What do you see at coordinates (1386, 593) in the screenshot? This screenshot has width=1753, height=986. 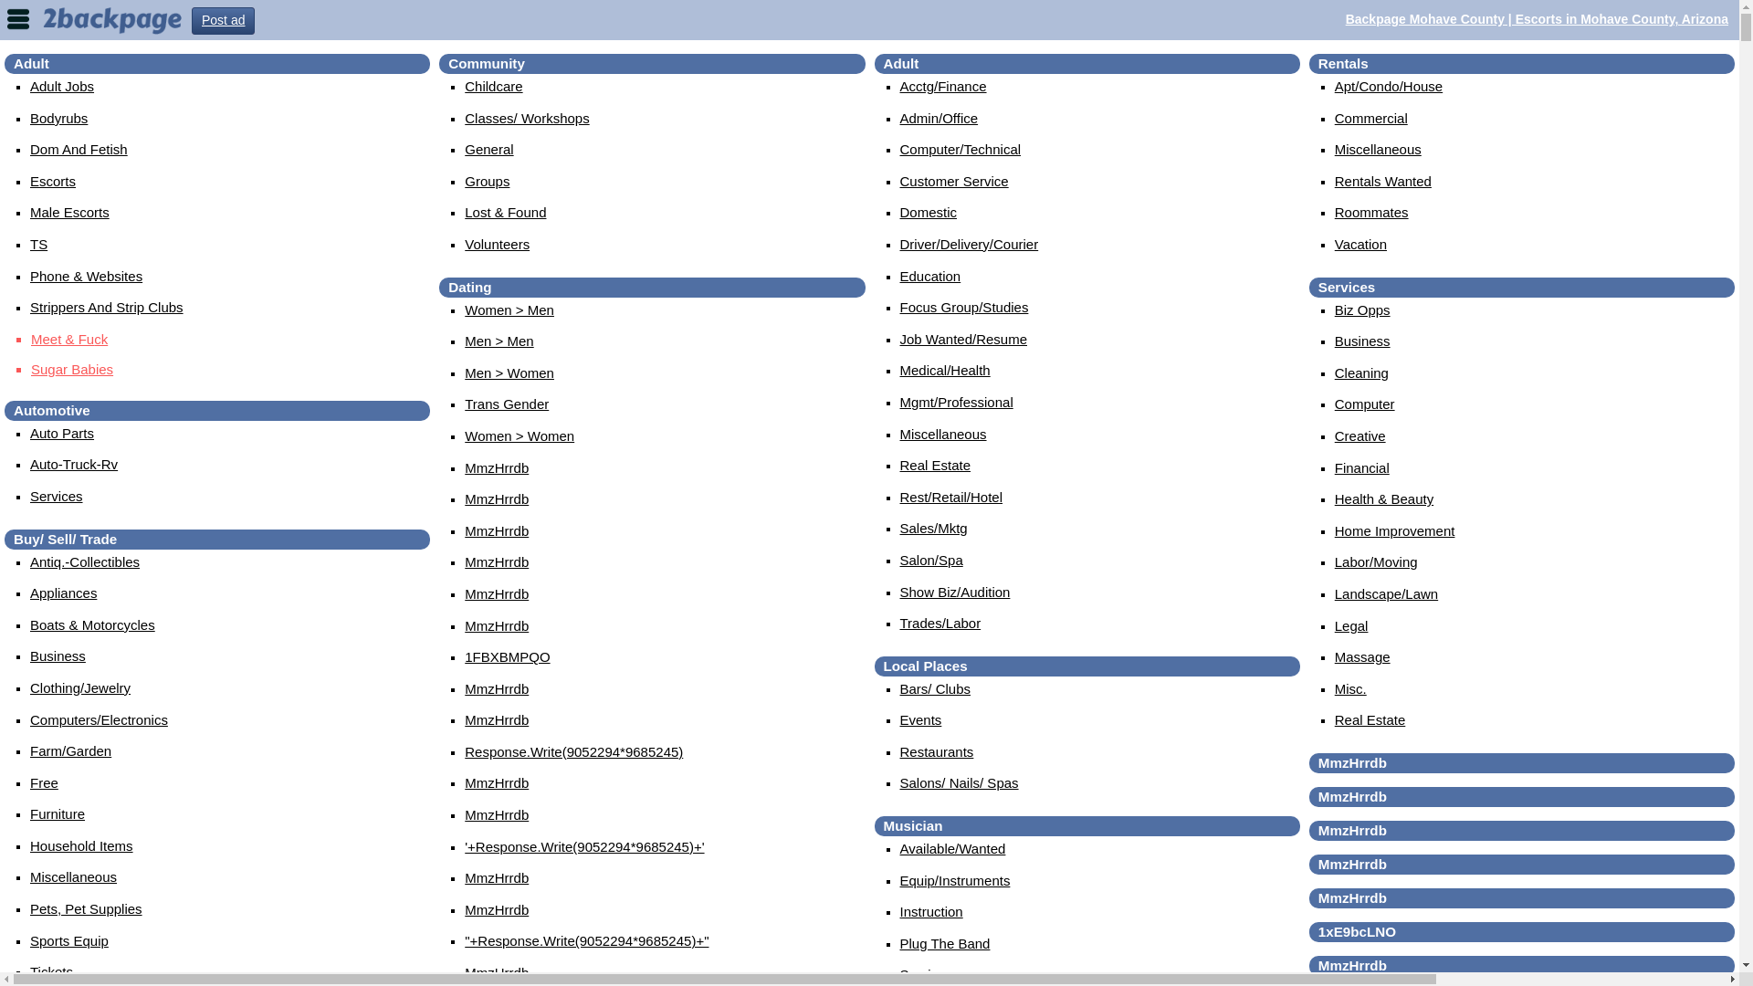 I see `'Landscape/Lawn'` at bounding box center [1386, 593].